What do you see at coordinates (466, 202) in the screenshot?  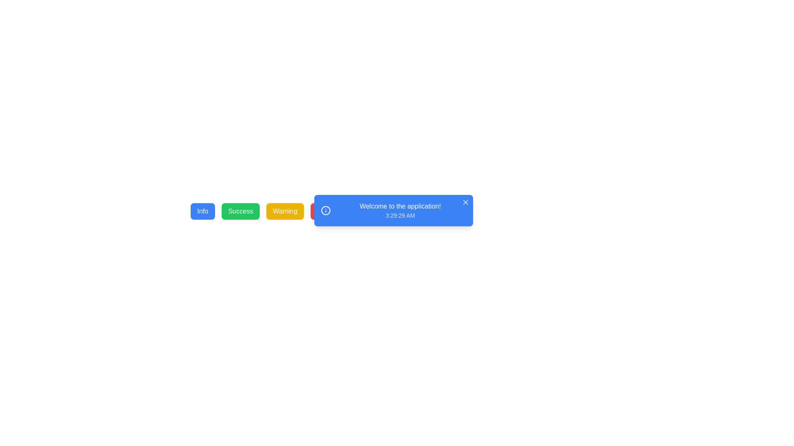 I see `the close or dismiss button icon, which is an intersecting cross icon located at the top-right corner of a blue notification card` at bounding box center [466, 202].